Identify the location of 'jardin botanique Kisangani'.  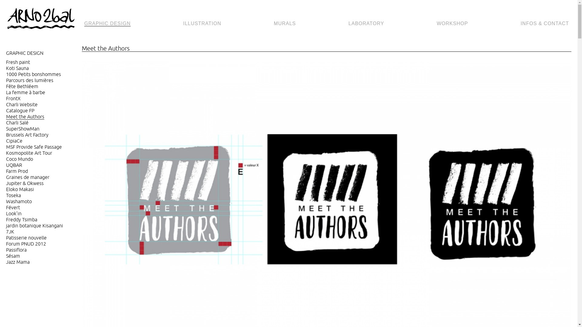
(6, 226).